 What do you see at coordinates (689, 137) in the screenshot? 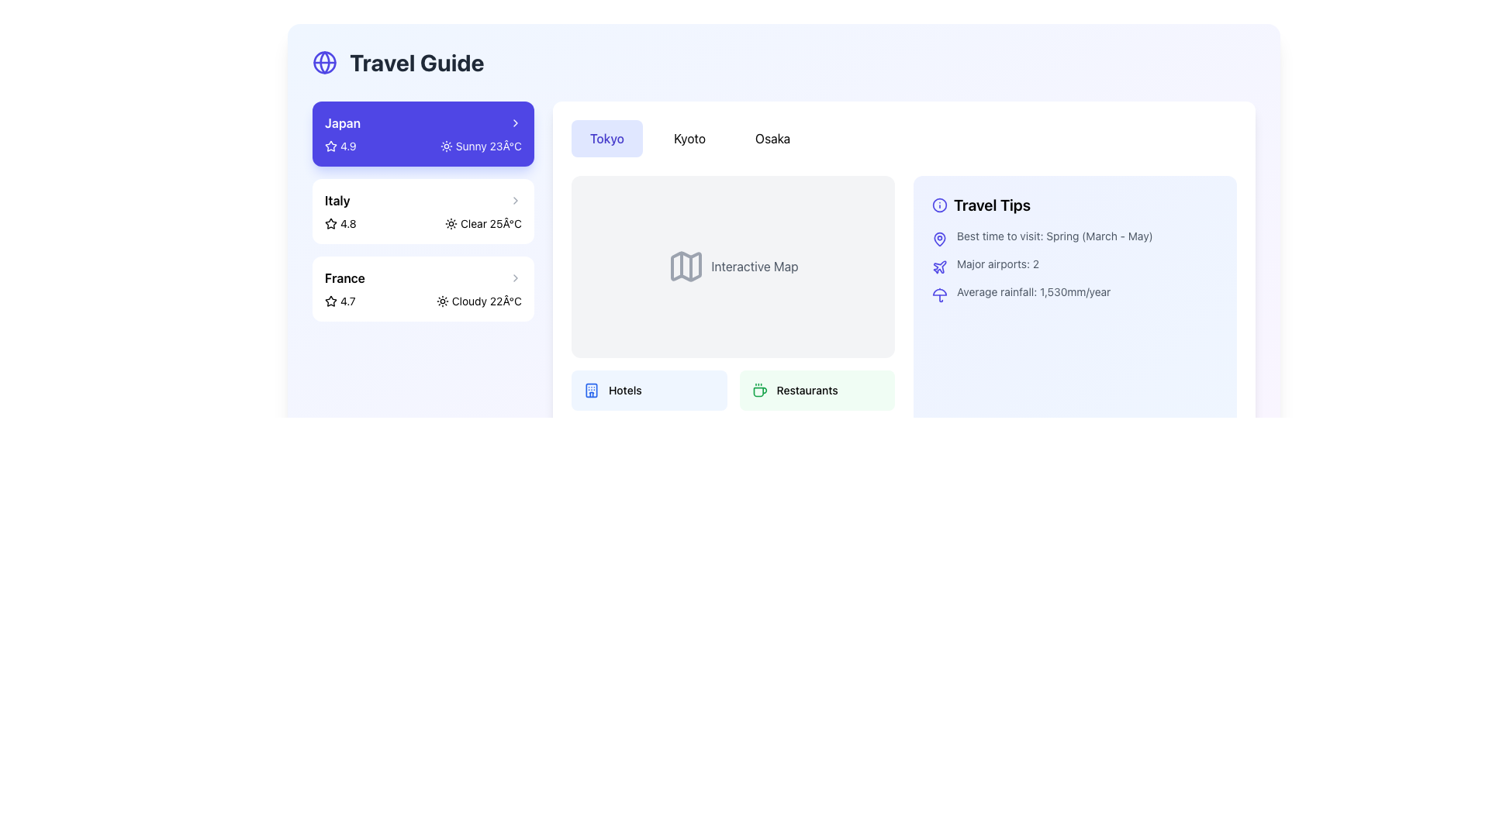
I see `the 'Kyoto' button, which is a text button with a rounded border, positioned centrally between the 'Tokyo' and 'Osaka' buttons` at bounding box center [689, 137].